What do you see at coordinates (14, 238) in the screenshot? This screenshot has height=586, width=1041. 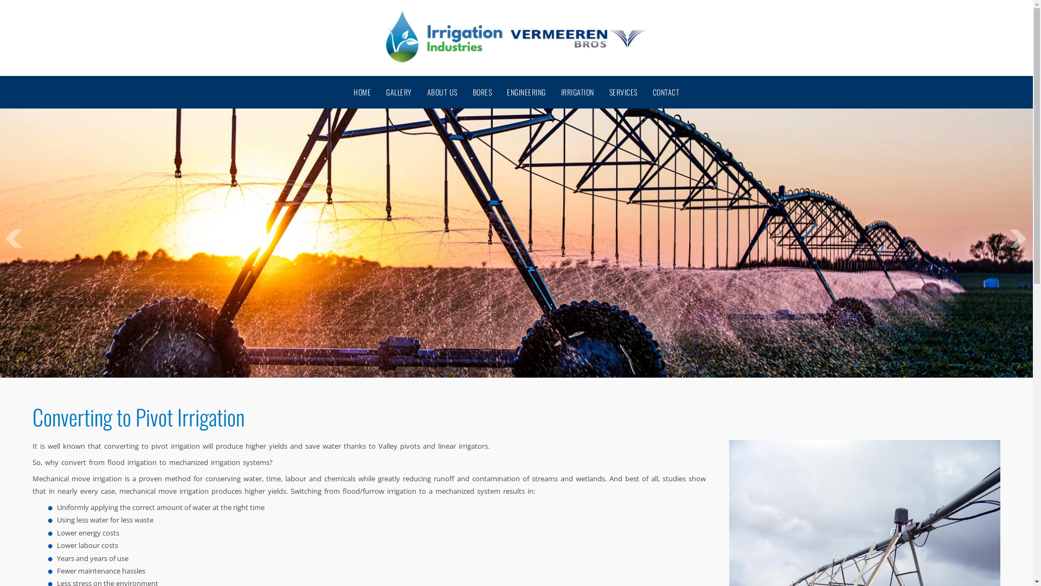 I see `'Prev'` at bounding box center [14, 238].